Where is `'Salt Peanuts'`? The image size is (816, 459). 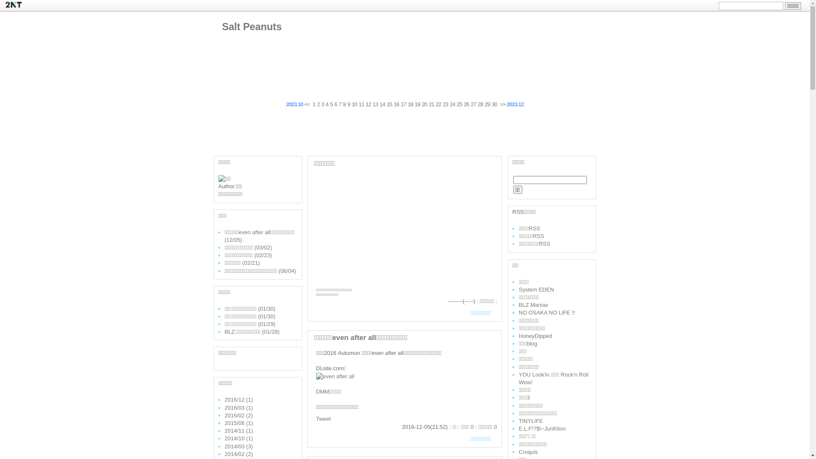 'Salt Peanuts' is located at coordinates (251, 26).